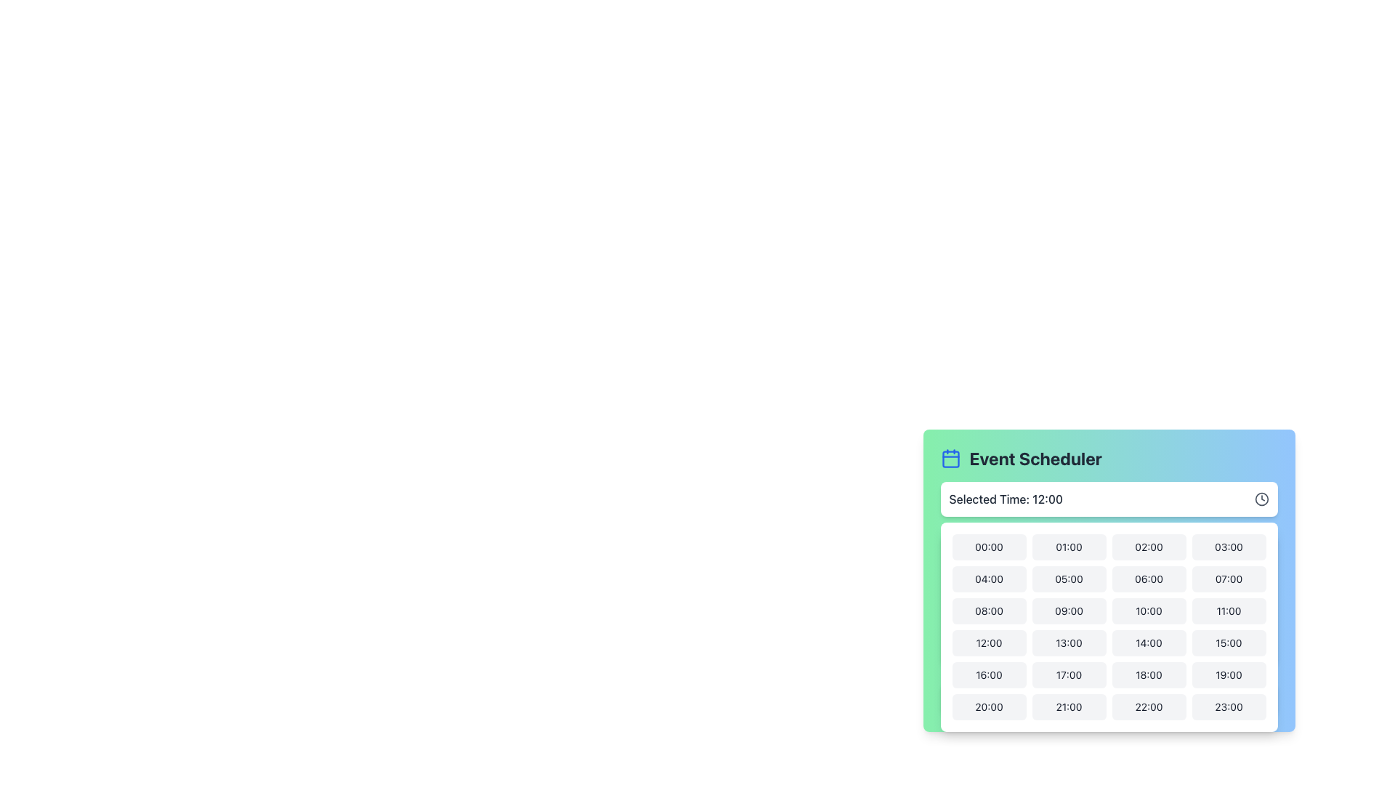 The width and height of the screenshot is (1395, 785). I want to click on the button labeled '12:00' to observe the hover effect, which changes the background to a blue shade, so click(988, 642).